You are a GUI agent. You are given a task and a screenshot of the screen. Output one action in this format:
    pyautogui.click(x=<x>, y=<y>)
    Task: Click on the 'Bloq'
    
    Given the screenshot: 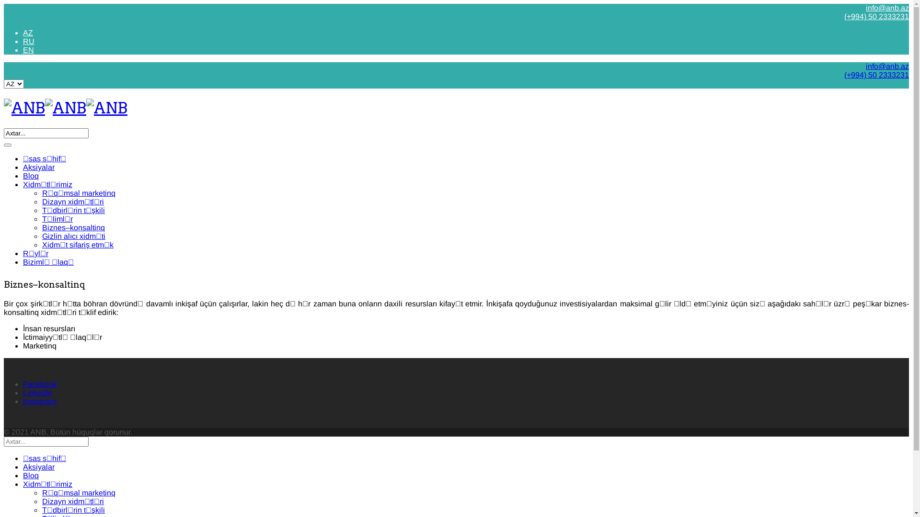 What is the action you would take?
    pyautogui.click(x=31, y=176)
    